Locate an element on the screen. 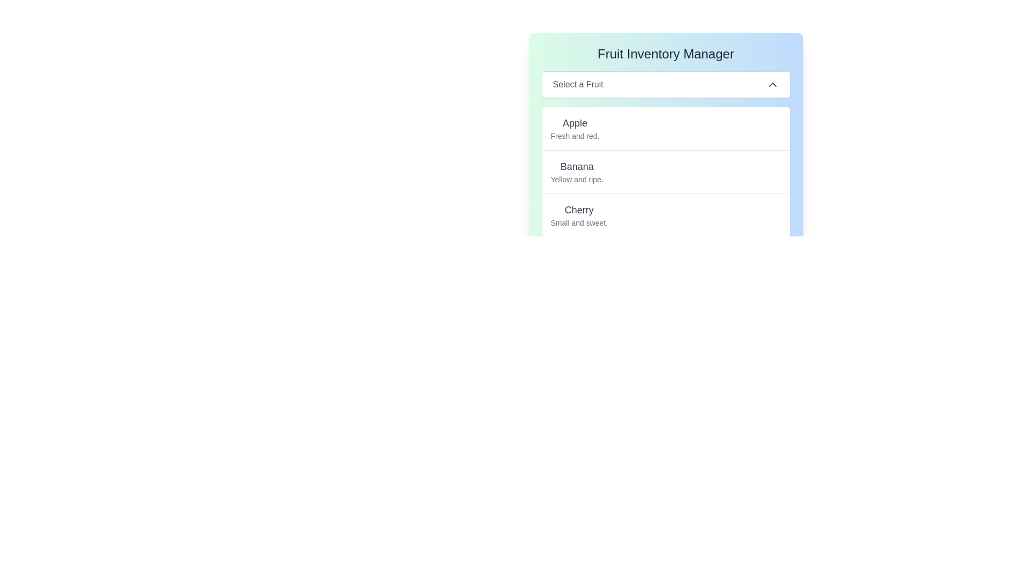 Image resolution: width=1029 pixels, height=579 pixels. the text label 'Banana' which is styled in bold gray font and is the second item in the 'Select a Fruit' list in the 'Fruit Inventory Manager' interface is located at coordinates (576, 167).